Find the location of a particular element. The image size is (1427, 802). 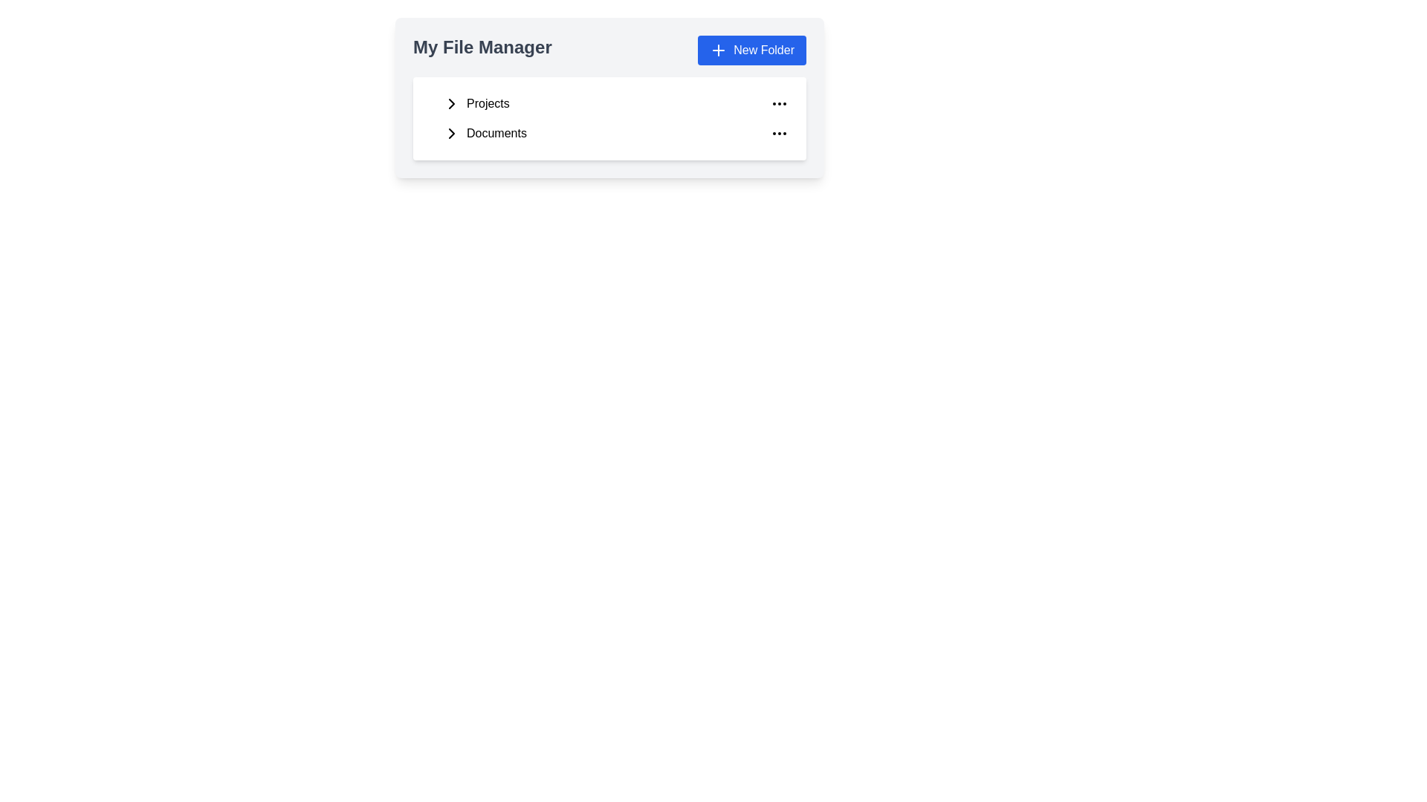

the 'Projects' expansion icon located to the left of the 'Projects' label is located at coordinates (451, 102).